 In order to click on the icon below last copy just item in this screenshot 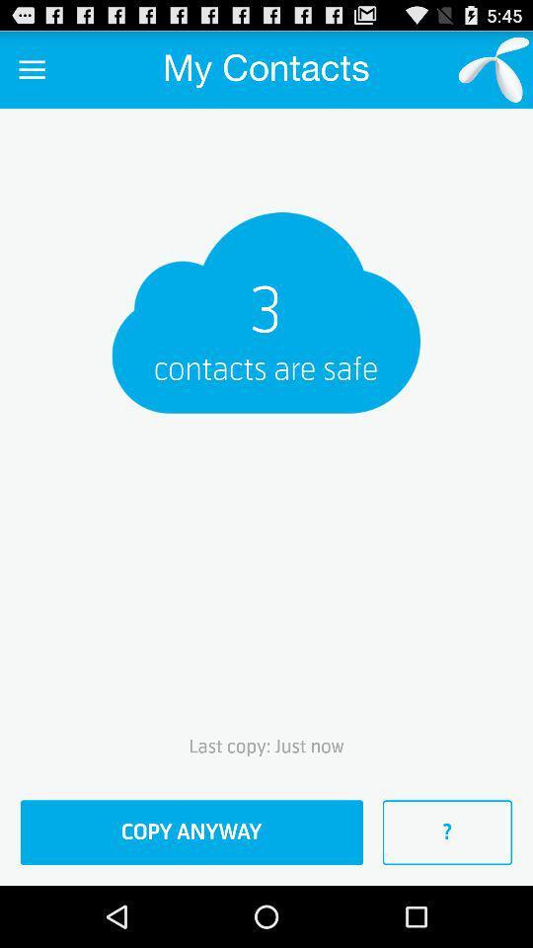, I will do `click(191, 831)`.